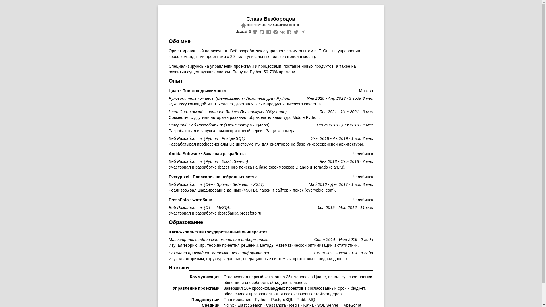 This screenshot has height=307, width=546. Describe the element at coordinates (275, 31) in the screenshot. I see `'slavabzb'` at that location.